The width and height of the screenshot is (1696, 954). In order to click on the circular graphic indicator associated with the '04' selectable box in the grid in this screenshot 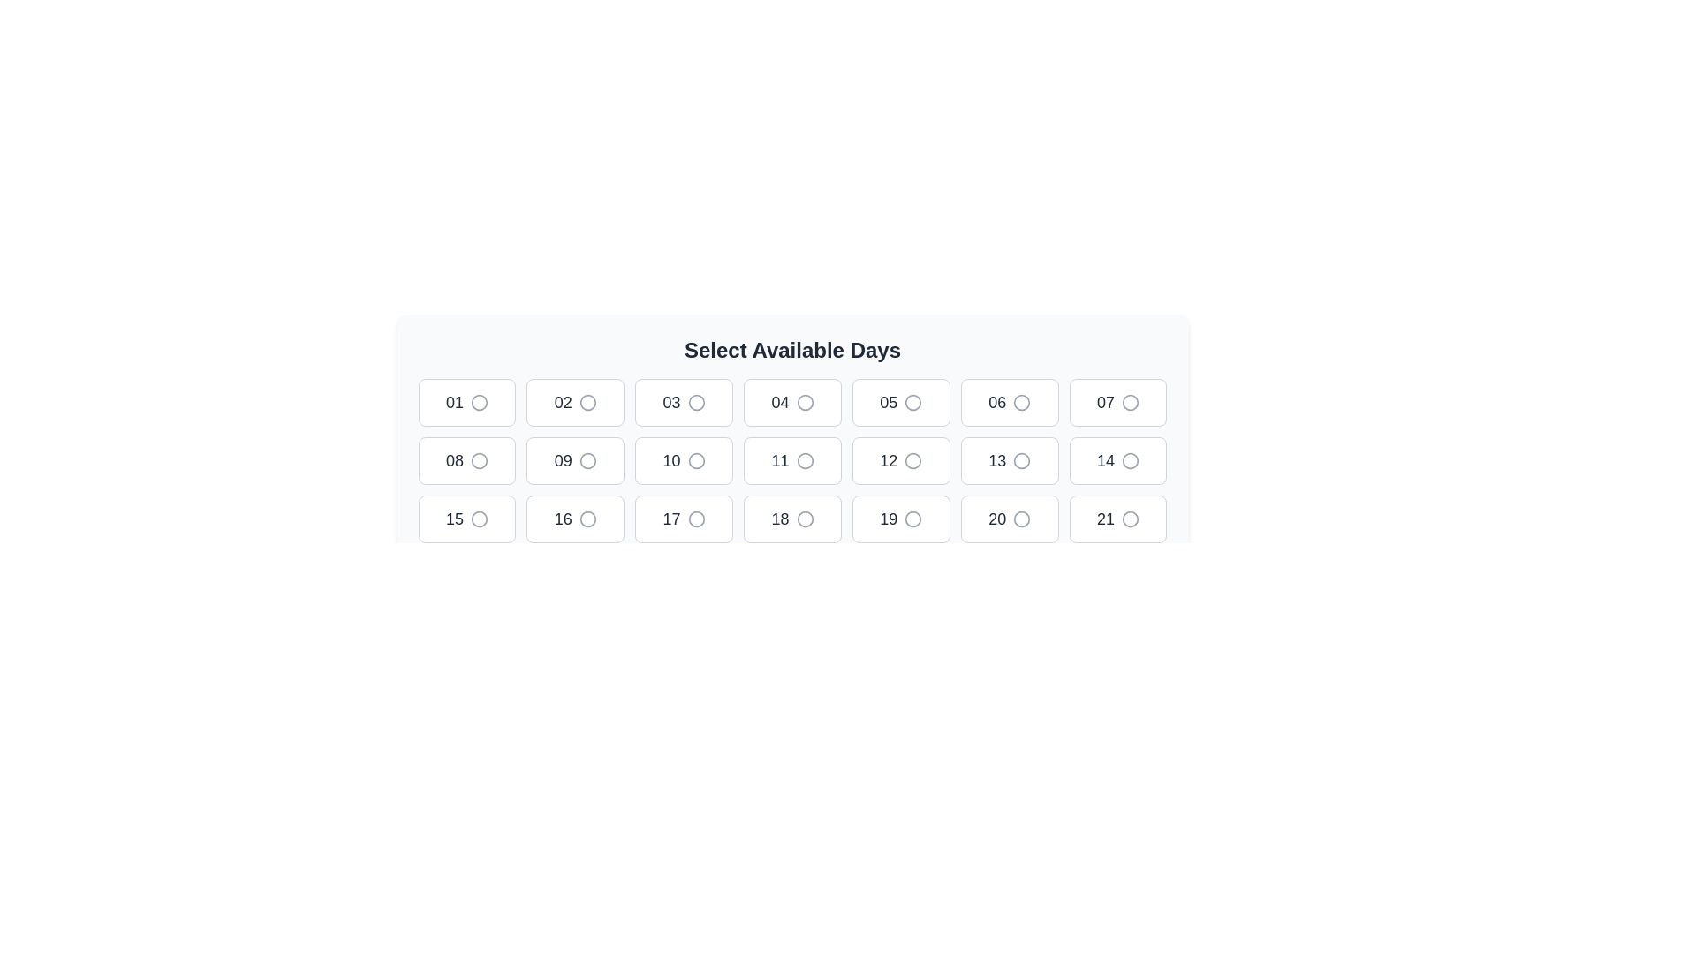, I will do `click(804, 402)`.